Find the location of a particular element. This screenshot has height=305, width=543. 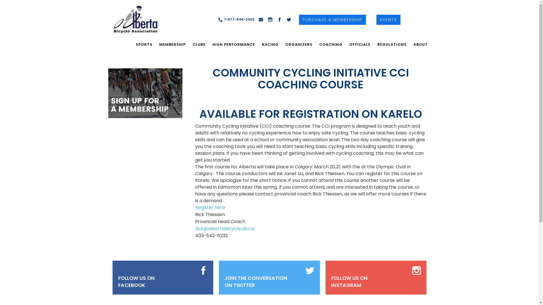

'FOLLOW US ON is located at coordinates (136, 282).